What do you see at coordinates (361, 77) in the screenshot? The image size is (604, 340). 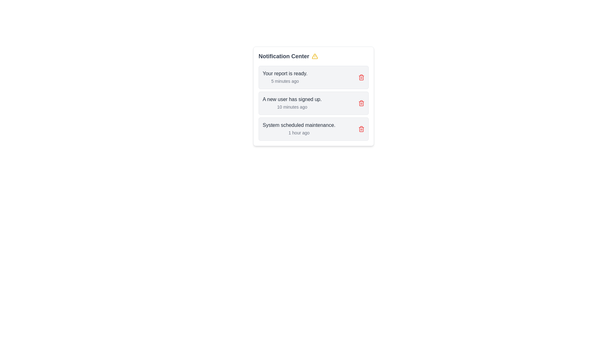 I see `the delete icon button located in the topmost notification entry, aligned to the right edge` at bounding box center [361, 77].